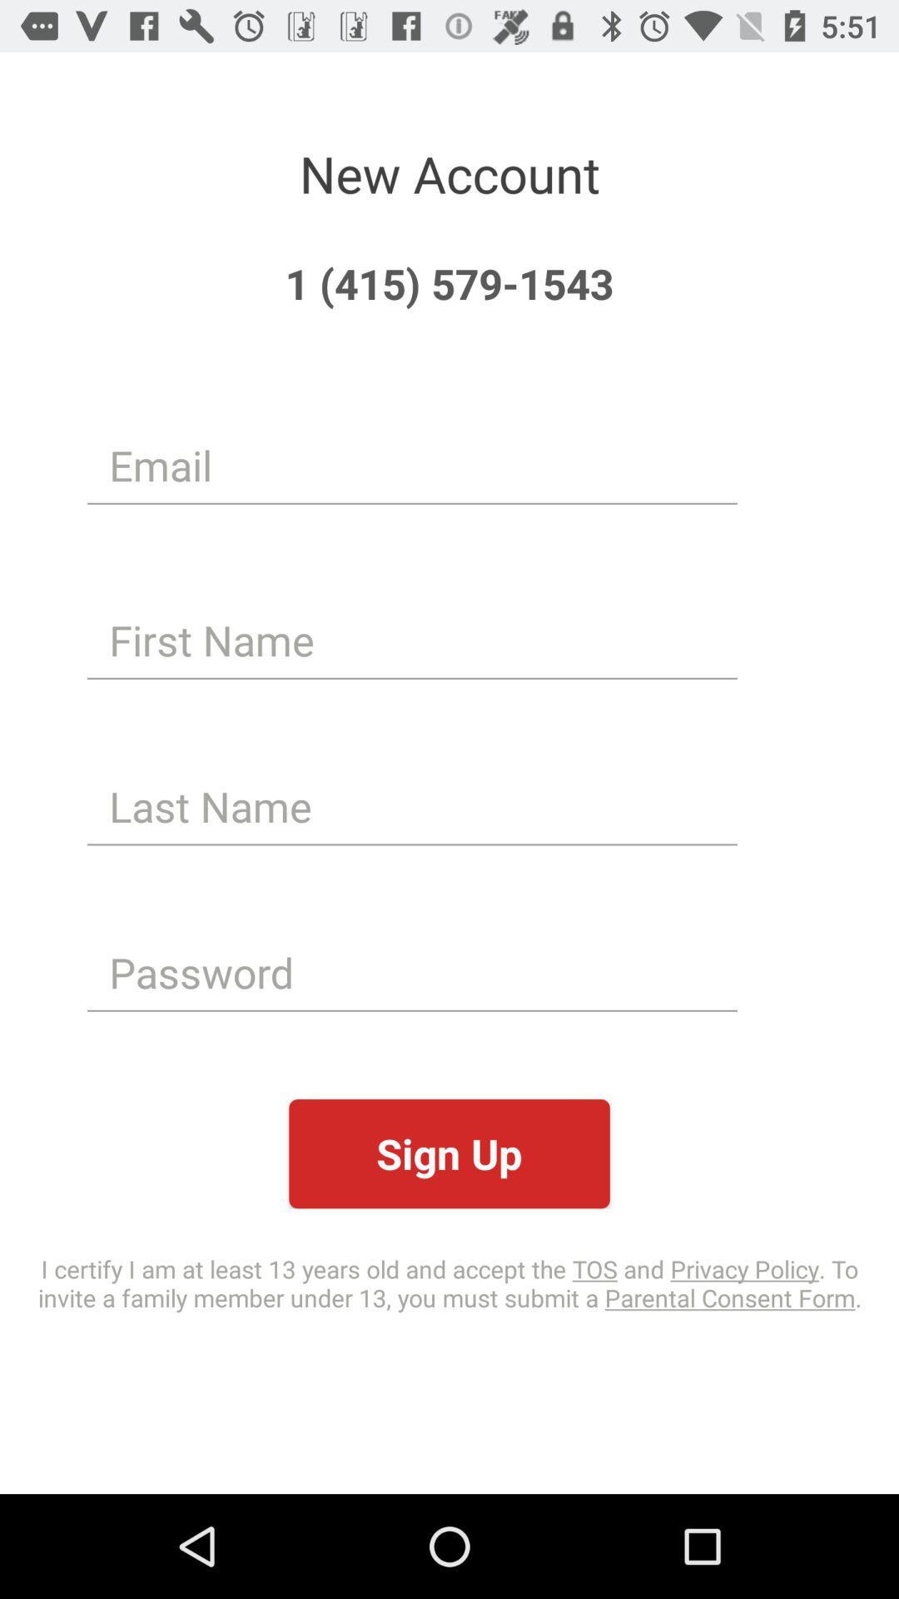  What do you see at coordinates (412, 465) in the screenshot?
I see `icon below 1 415 579 item` at bounding box center [412, 465].